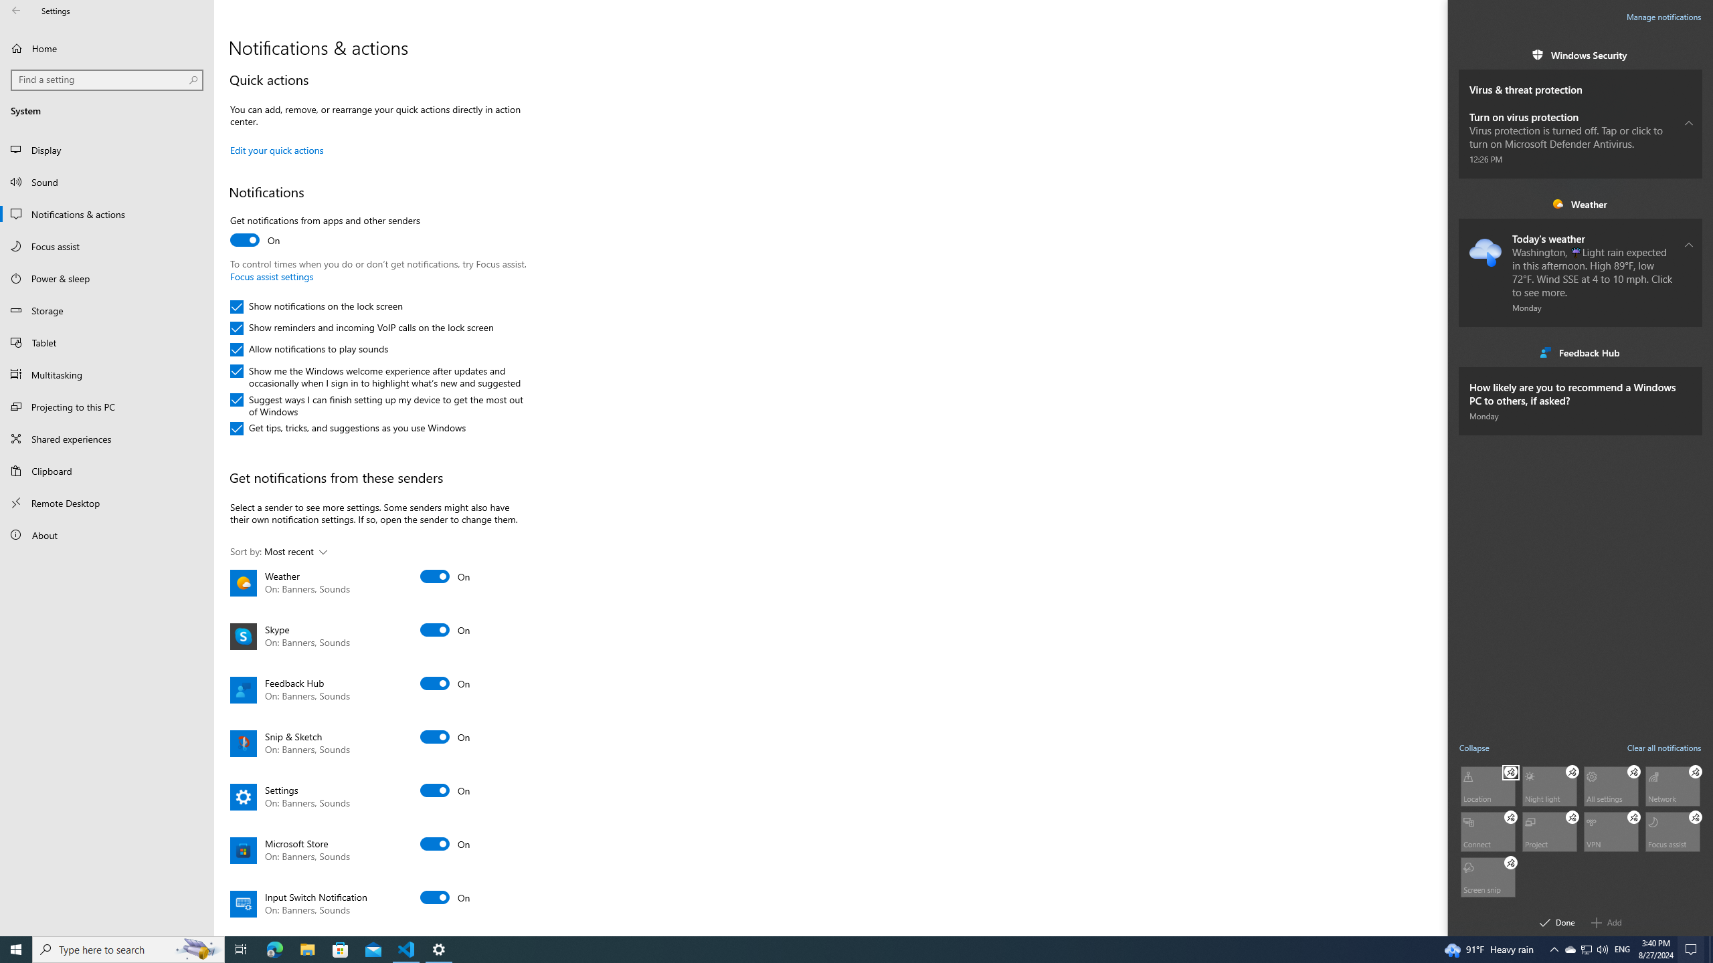 This screenshot has width=1713, height=963. Describe the element at coordinates (1510, 863) in the screenshot. I see `'Screen snip Unpin'` at that location.